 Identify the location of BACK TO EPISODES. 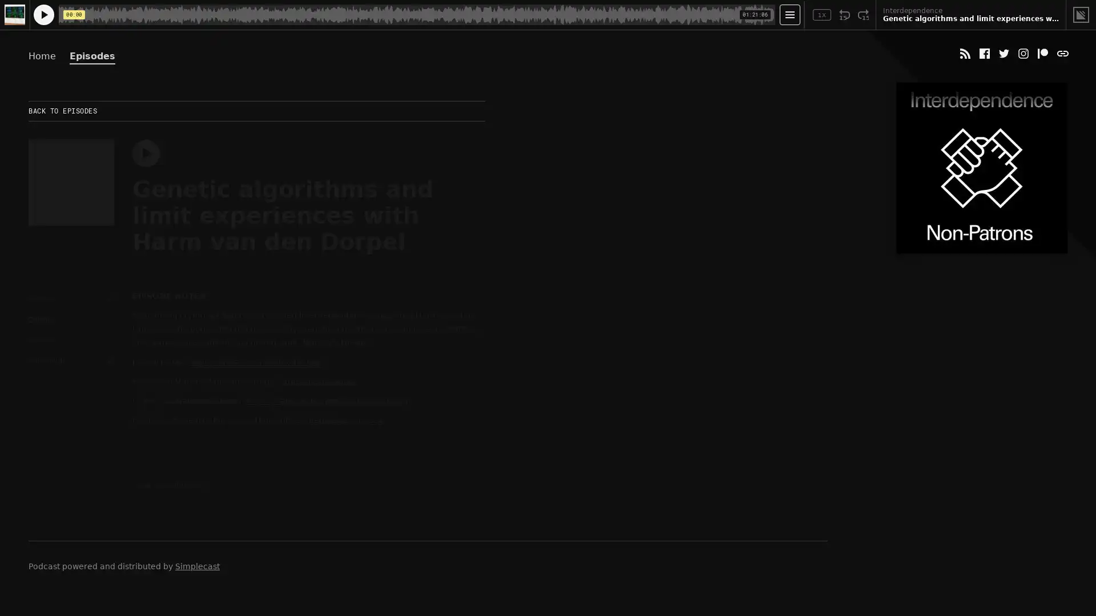
(256, 111).